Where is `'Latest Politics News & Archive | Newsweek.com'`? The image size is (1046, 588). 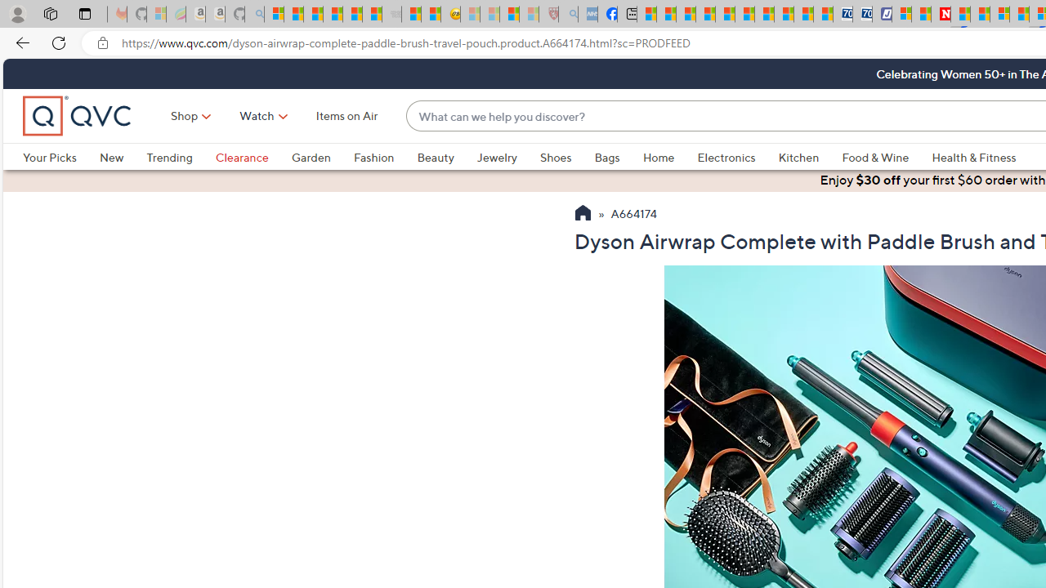
'Latest Politics News & Archive | Newsweek.com' is located at coordinates (941, 14).